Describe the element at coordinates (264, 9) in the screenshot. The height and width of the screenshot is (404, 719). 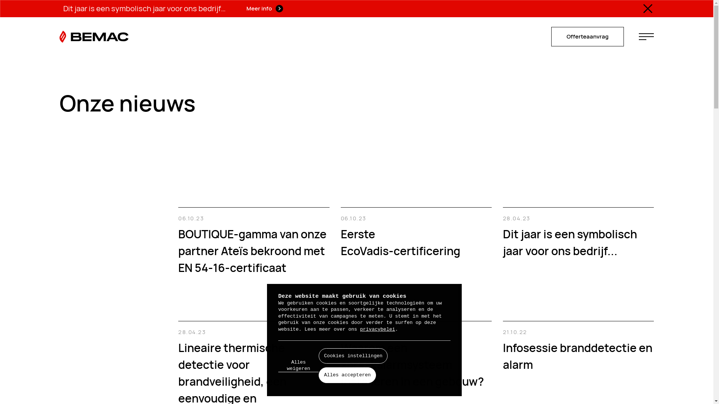
I see `'Meer info'` at that location.